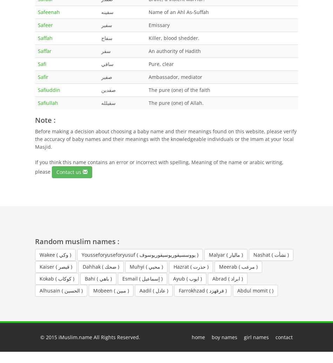  What do you see at coordinates (55, 254) in the screenshot?
I see `'Wakee ( وكي )'` at bounding box center [55, 254].